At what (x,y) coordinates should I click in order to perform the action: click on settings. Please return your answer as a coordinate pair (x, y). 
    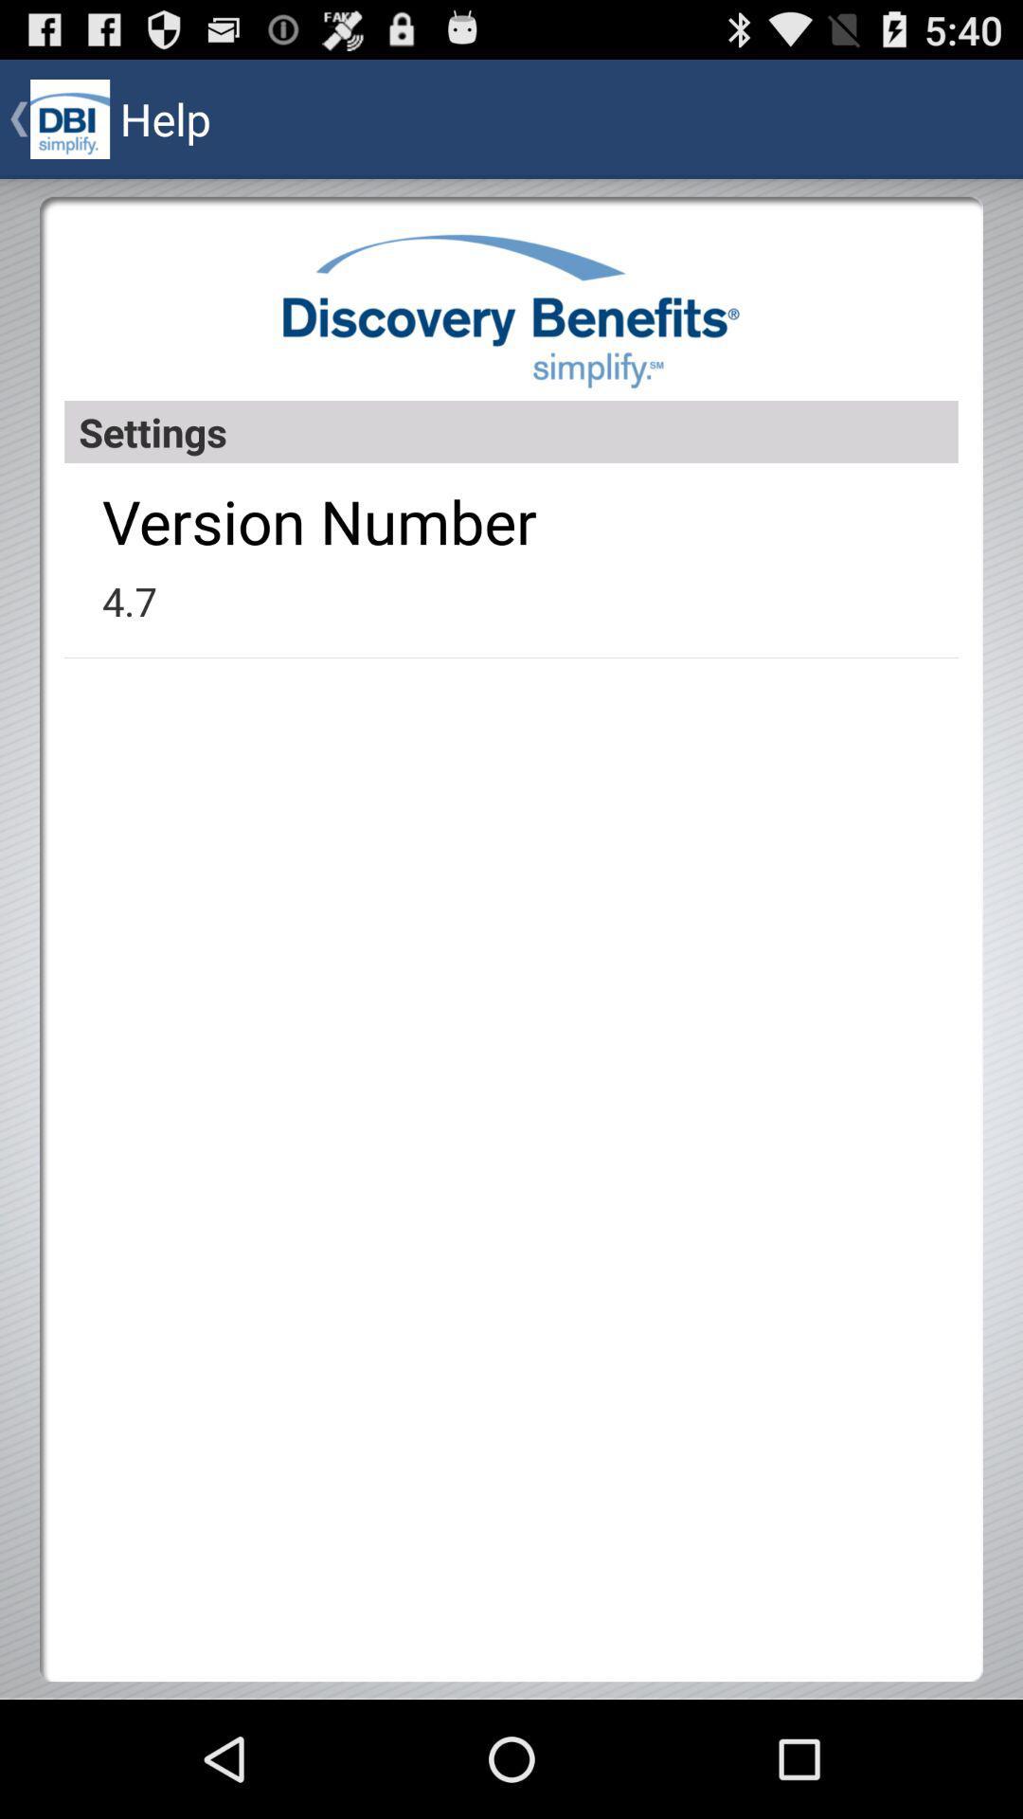
    Looking at the image, I should click on (511, 431).